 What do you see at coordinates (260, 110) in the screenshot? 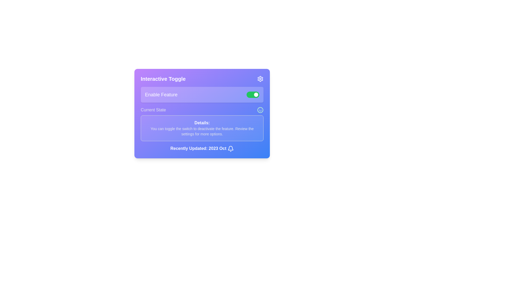
I see `the green smiley icon located in the 'Current State' section, positioned at the top-right of the rectangle containing its label` at bounding box center [260, 110].